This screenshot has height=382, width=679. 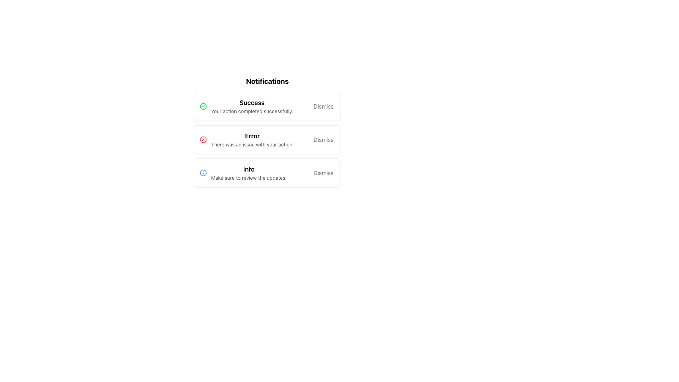 I want to click on the 'Dismiss' button located in the top-right corner of the second notification message displaying an 'Error' message, so click(x=323, y=139).